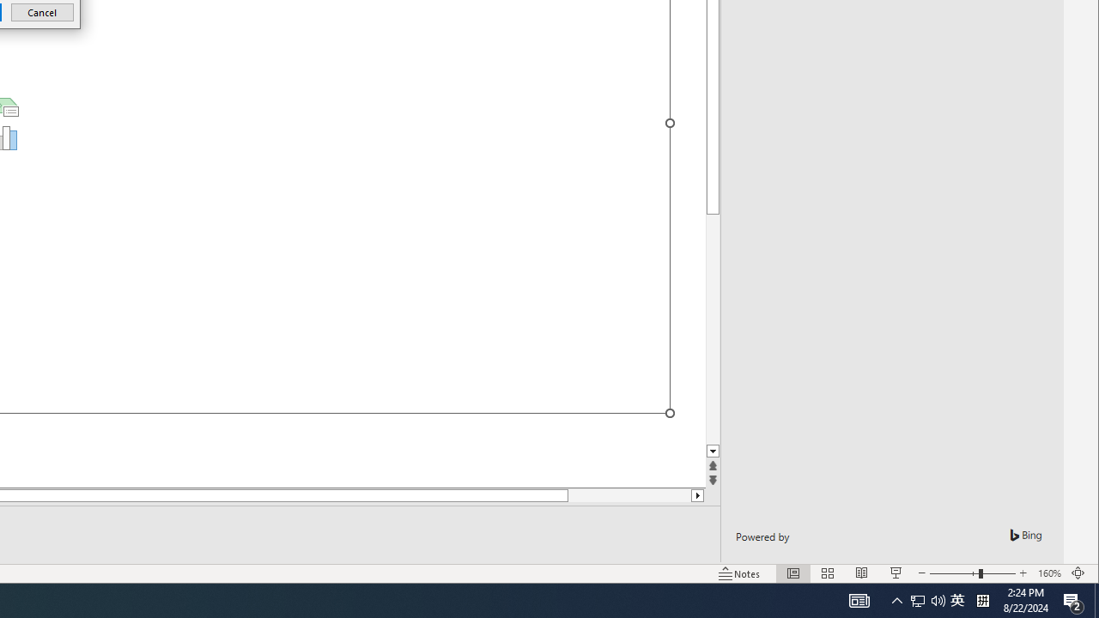  What do you see at coordinates (42, 12) in the screenshot?
I see `'Cancel'` at bounding box center [42, 12].